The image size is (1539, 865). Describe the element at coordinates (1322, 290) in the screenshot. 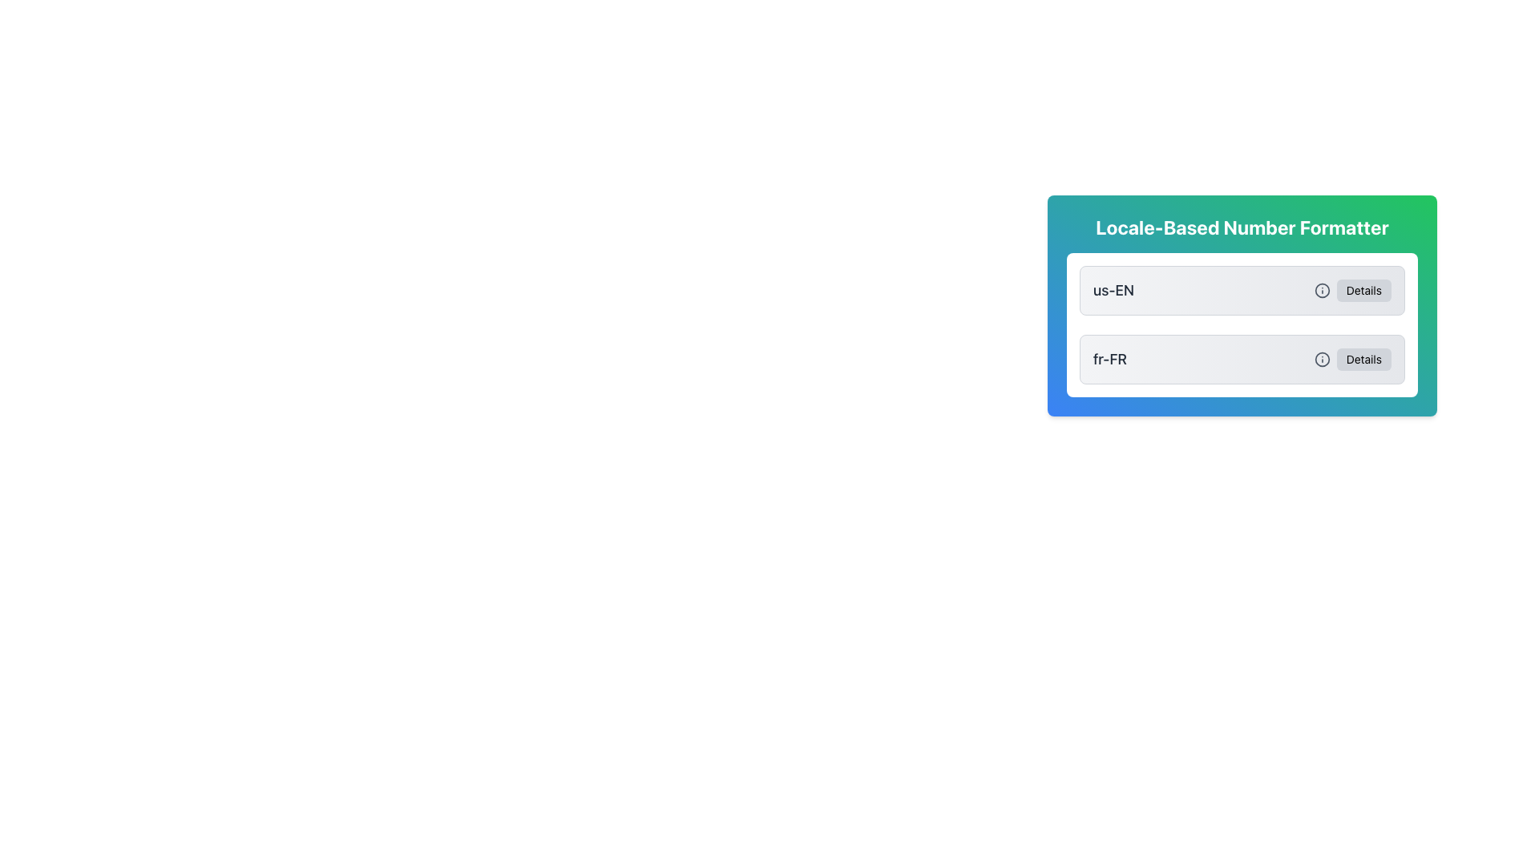

I see `the gray information icon, which consists of a circle enclosing a vertical line and a dot above it, located to the right of the 'us-EN' label and adjacent to the 'Details' button` at that location.